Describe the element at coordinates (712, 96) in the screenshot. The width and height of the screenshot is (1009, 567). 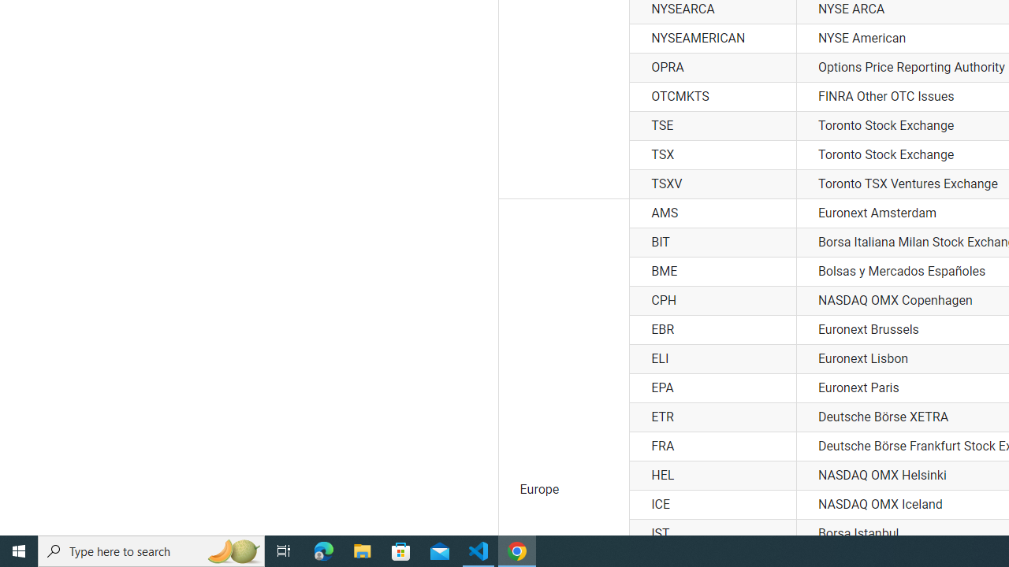
I see `'OTCMKTS'` at that location.